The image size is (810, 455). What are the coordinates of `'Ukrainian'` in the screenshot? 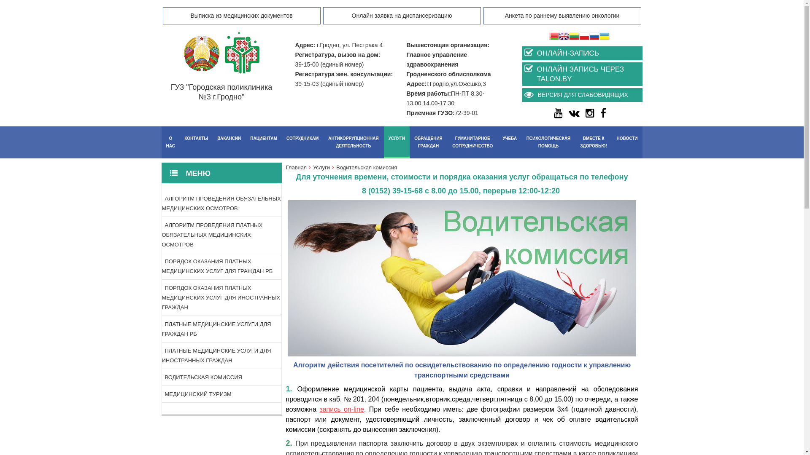 It's located at (603, 37).